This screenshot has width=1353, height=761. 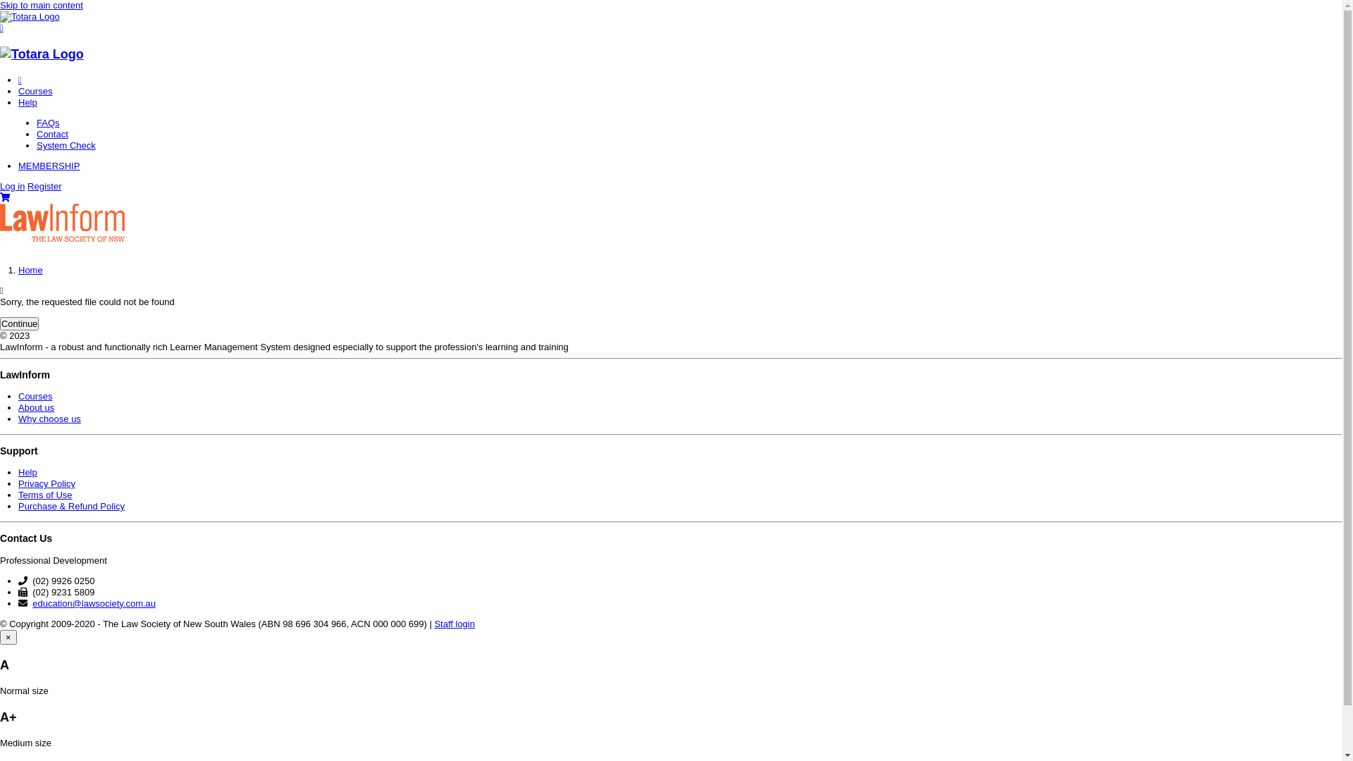 What do you see at coordinates (61, 237) in the screenshot?
I see `'LawInform'` at bounding box center [61, 237].